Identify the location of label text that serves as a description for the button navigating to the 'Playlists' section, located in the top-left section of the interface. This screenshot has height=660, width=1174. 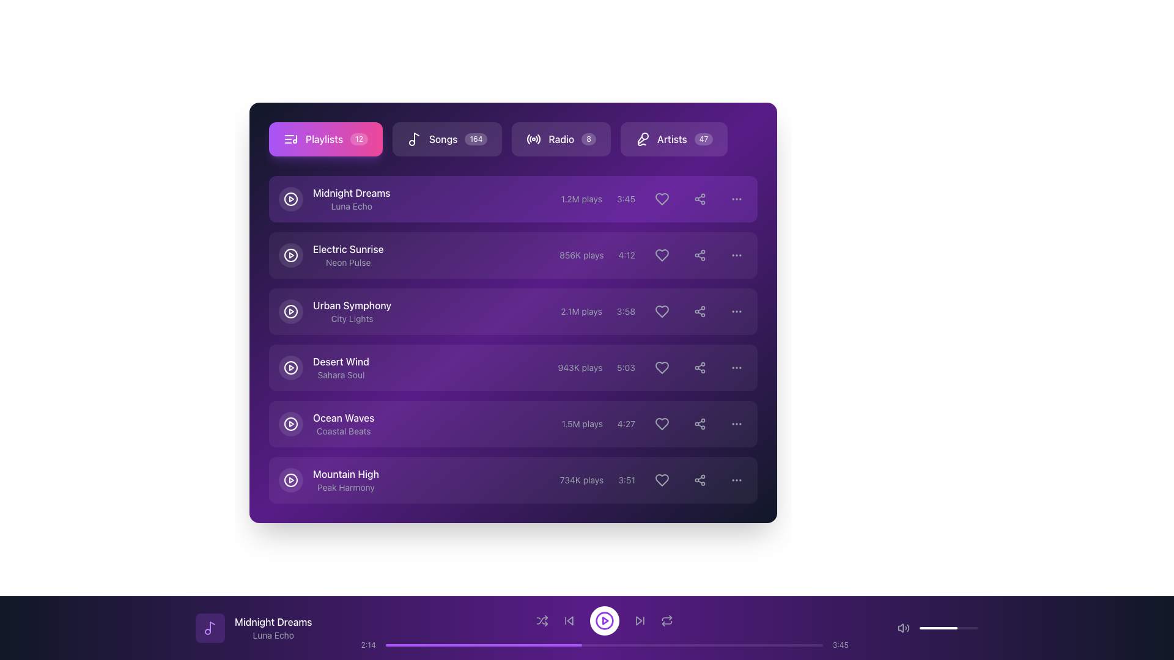
(324, 138).